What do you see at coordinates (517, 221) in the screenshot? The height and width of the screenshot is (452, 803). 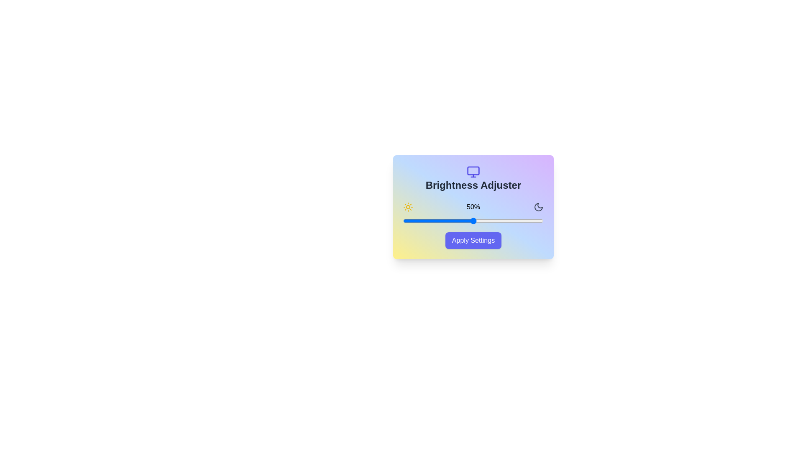 I see `the brightness slider to 81%` at bounding box center [517, 221].